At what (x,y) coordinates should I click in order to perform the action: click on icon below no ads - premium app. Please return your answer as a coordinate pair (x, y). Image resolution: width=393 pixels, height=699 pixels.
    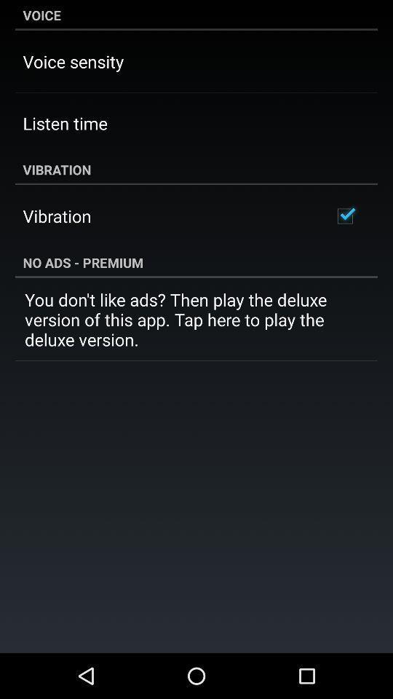
    Looking at the image, I should click on (196, 319).